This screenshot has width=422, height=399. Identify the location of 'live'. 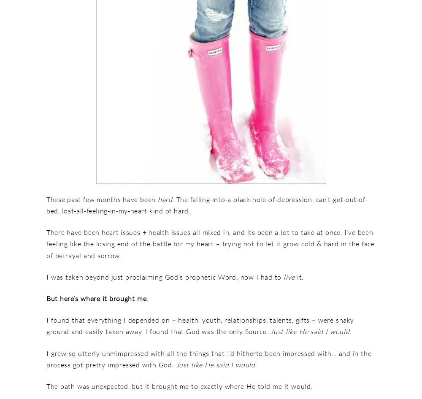
(290, 276).